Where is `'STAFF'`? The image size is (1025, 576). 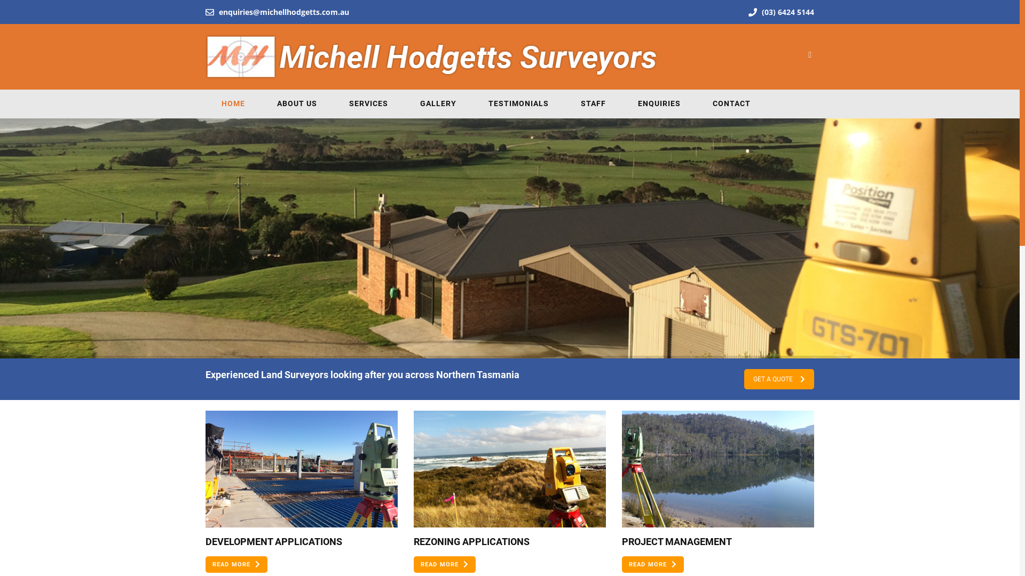 'STAFF' is located at coordinates (593, 103).